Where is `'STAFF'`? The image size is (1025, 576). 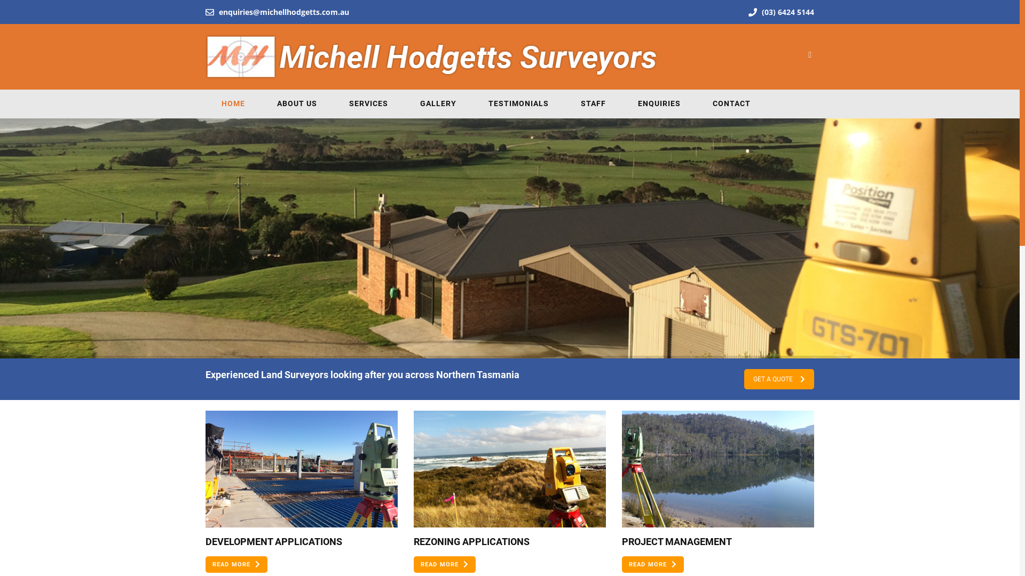 'STAFF' is located at coordinates (593, 103).